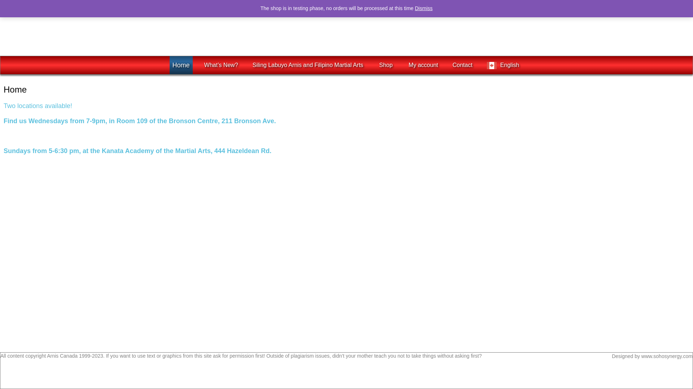 The height and width of the screenshot is (389, 693). Describe the element at coordinates (424, 8) in the screenshot. I see `'Dismiss'` at that location.